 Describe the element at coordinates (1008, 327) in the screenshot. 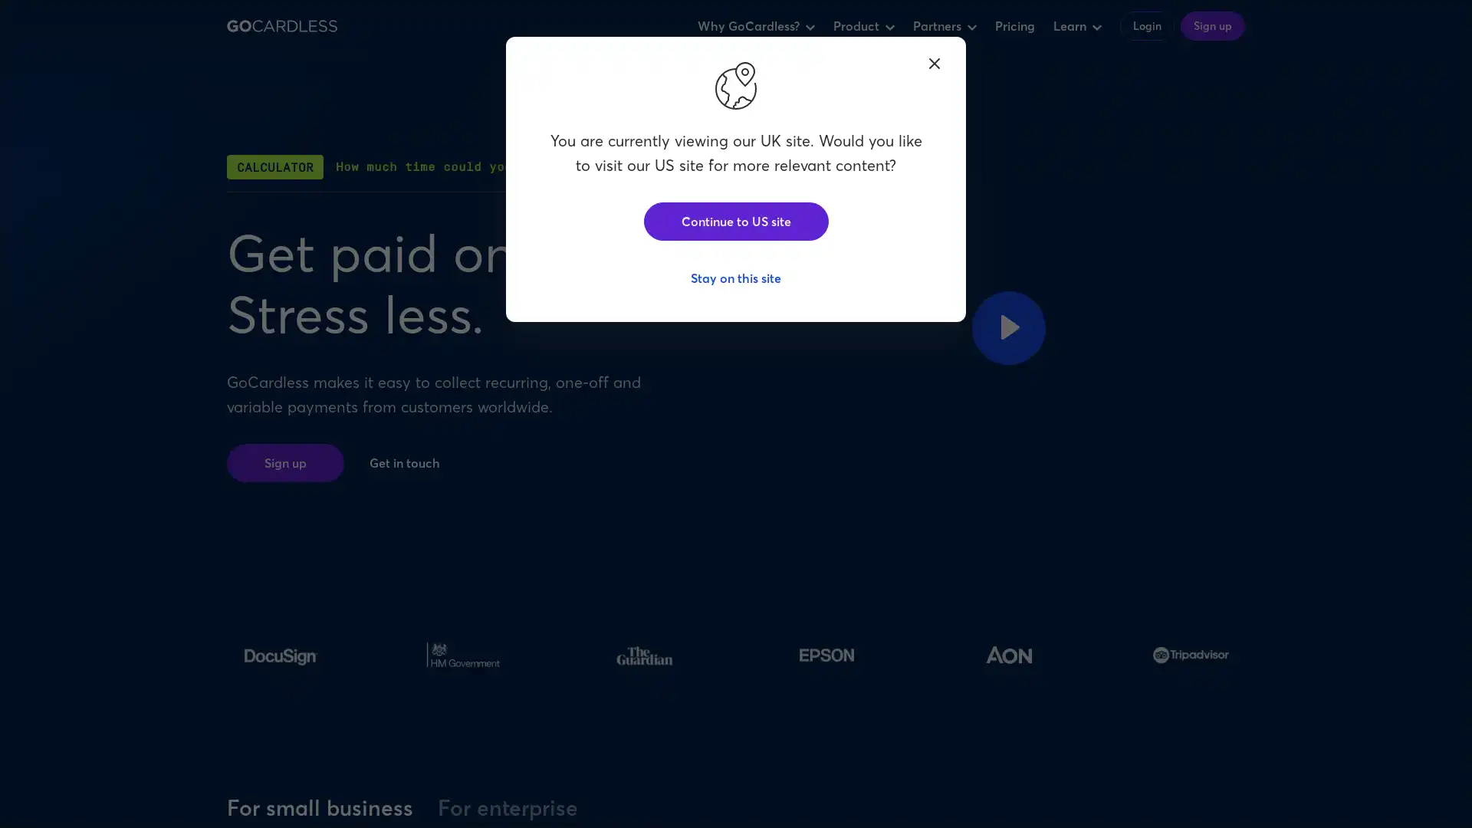

I see `Play video` at that location.